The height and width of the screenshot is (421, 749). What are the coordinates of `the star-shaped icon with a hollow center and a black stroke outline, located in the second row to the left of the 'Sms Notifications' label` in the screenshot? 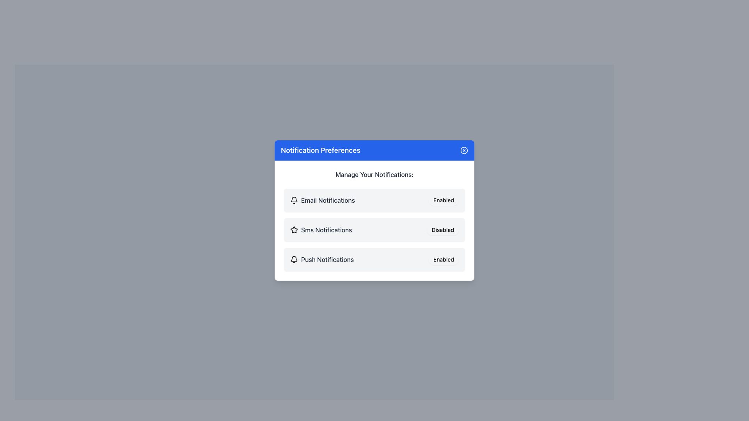 It's located at (293, 229).